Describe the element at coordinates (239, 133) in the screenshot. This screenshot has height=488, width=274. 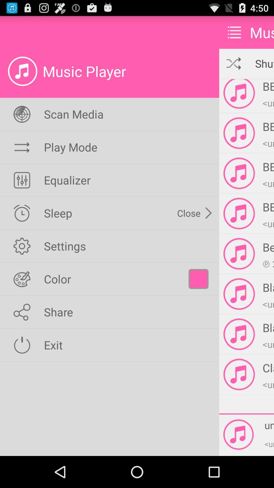
I see `the second music icon on the right hand side` at that location.